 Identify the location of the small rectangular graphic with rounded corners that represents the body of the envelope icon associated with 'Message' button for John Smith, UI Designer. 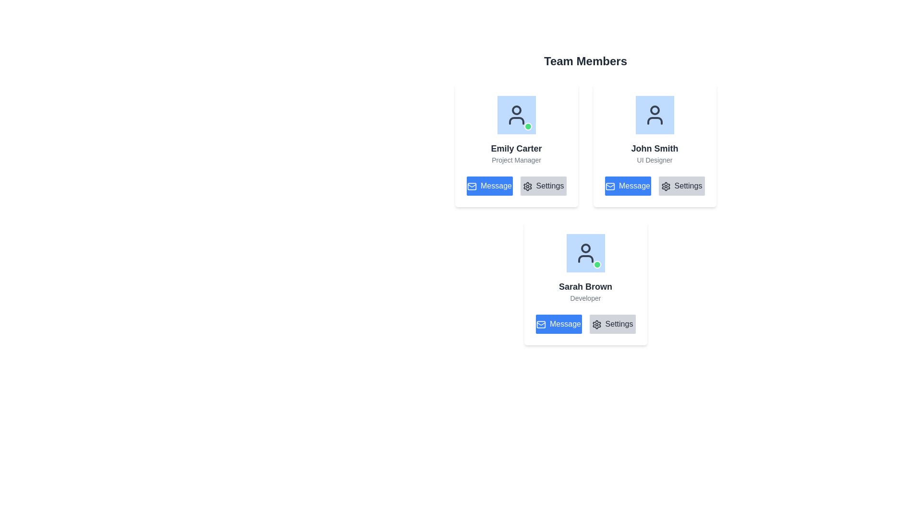
(610, 186).